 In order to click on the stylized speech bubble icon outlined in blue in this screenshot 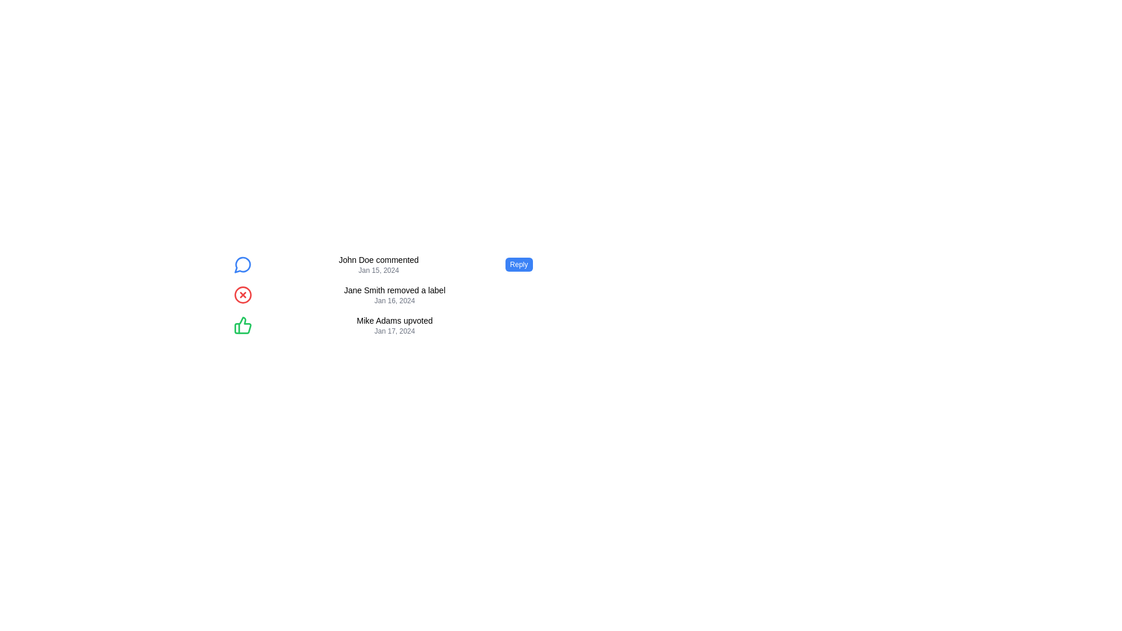, I will do `click(241, 265)`.